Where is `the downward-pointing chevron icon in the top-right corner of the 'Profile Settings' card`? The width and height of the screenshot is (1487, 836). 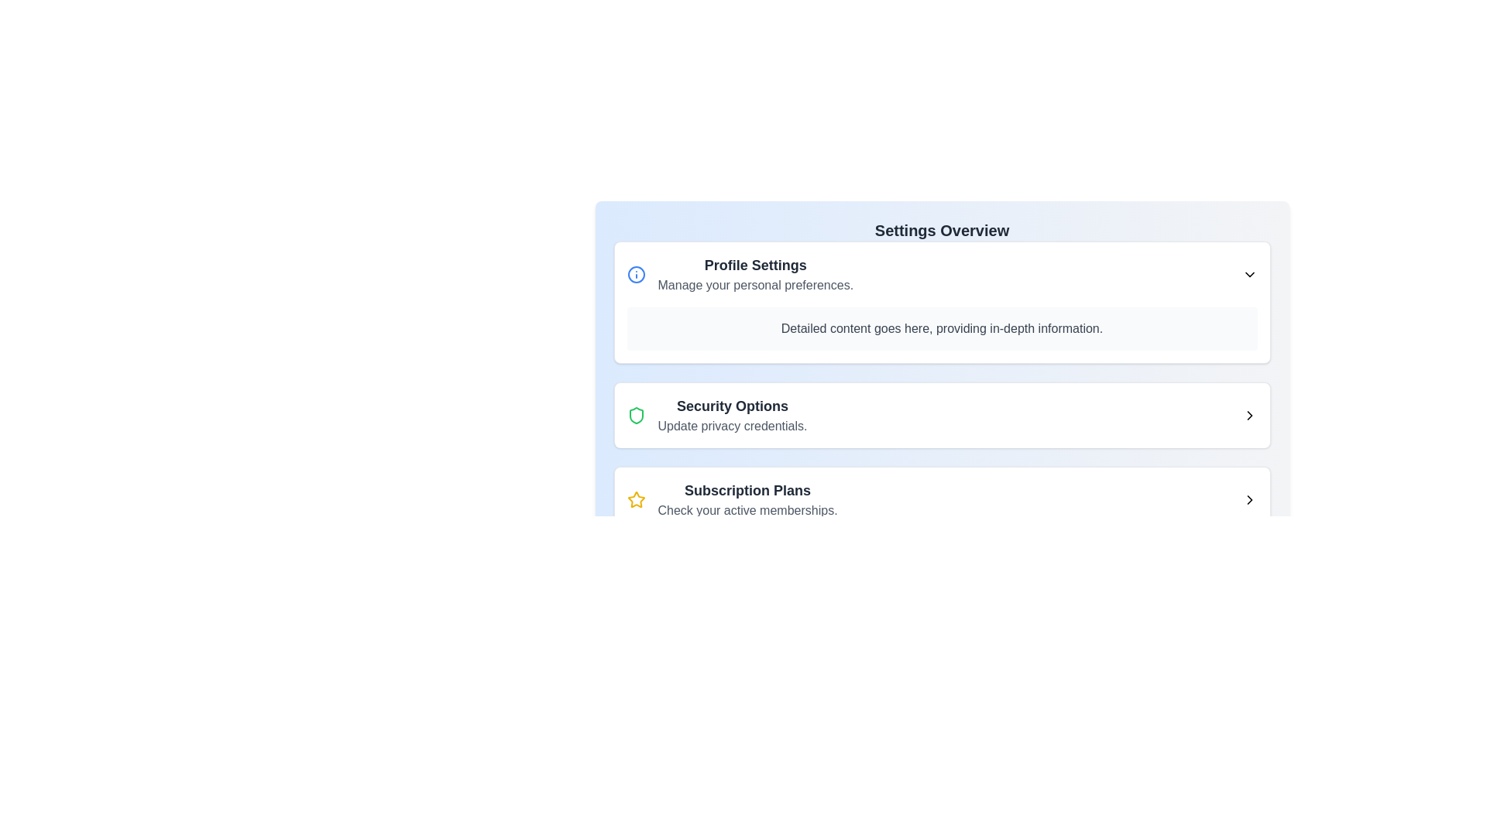
the downward-pointing chevron icon in the top-right corner of the 'Profile Settings' card is located at coordinates (1249, 273).